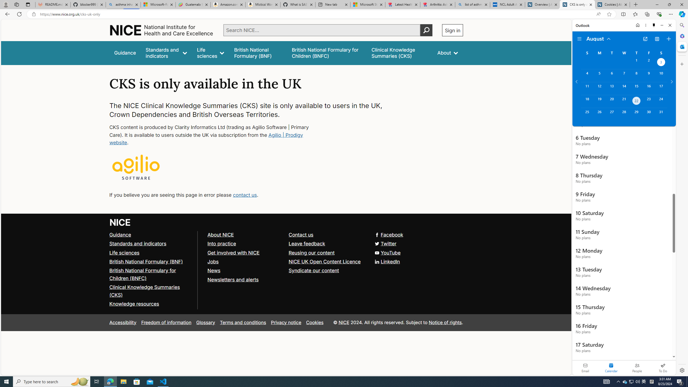 The width and height of the screenshot is (688, 387). Describe the element at coordinates (245, 244) in the screenshot. I see `'Into practice'` at that location.